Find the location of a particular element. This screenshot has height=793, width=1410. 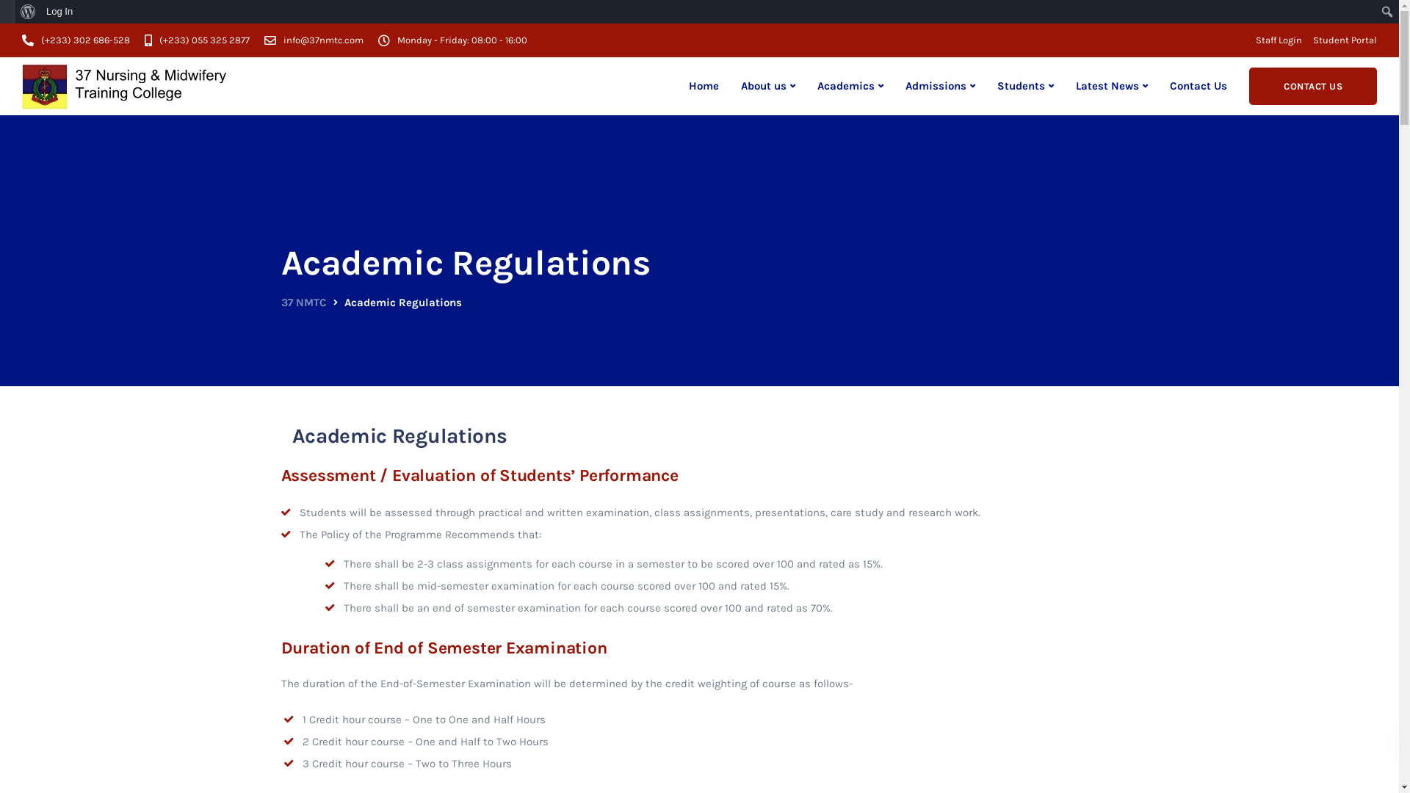

'Log In' is located at coordinates (59, 11).